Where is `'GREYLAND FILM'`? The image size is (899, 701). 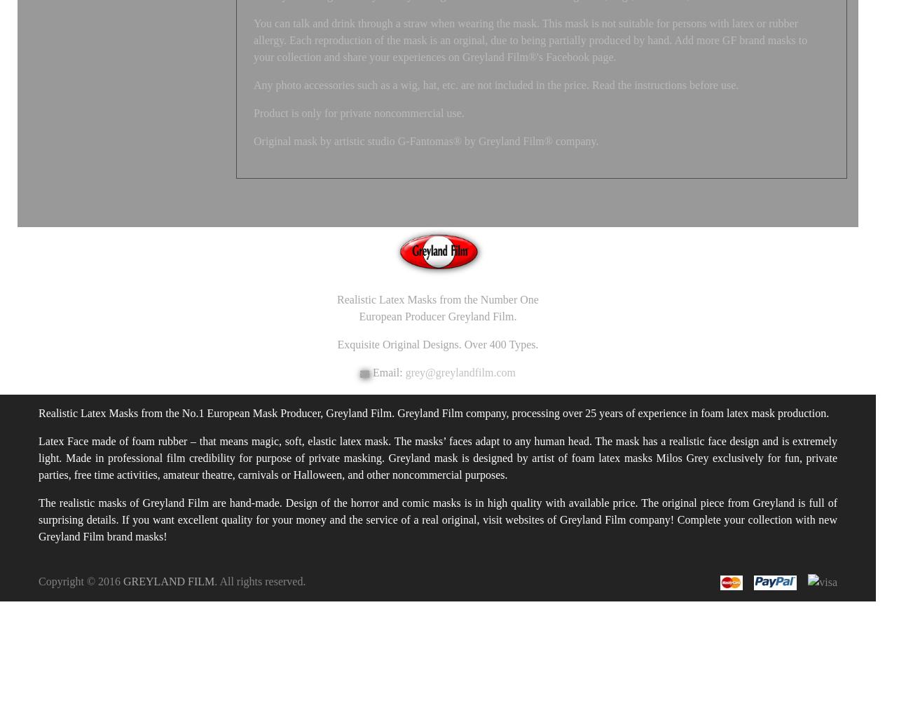 'GREYLAND FILM' is located at coordinates (123, 580).